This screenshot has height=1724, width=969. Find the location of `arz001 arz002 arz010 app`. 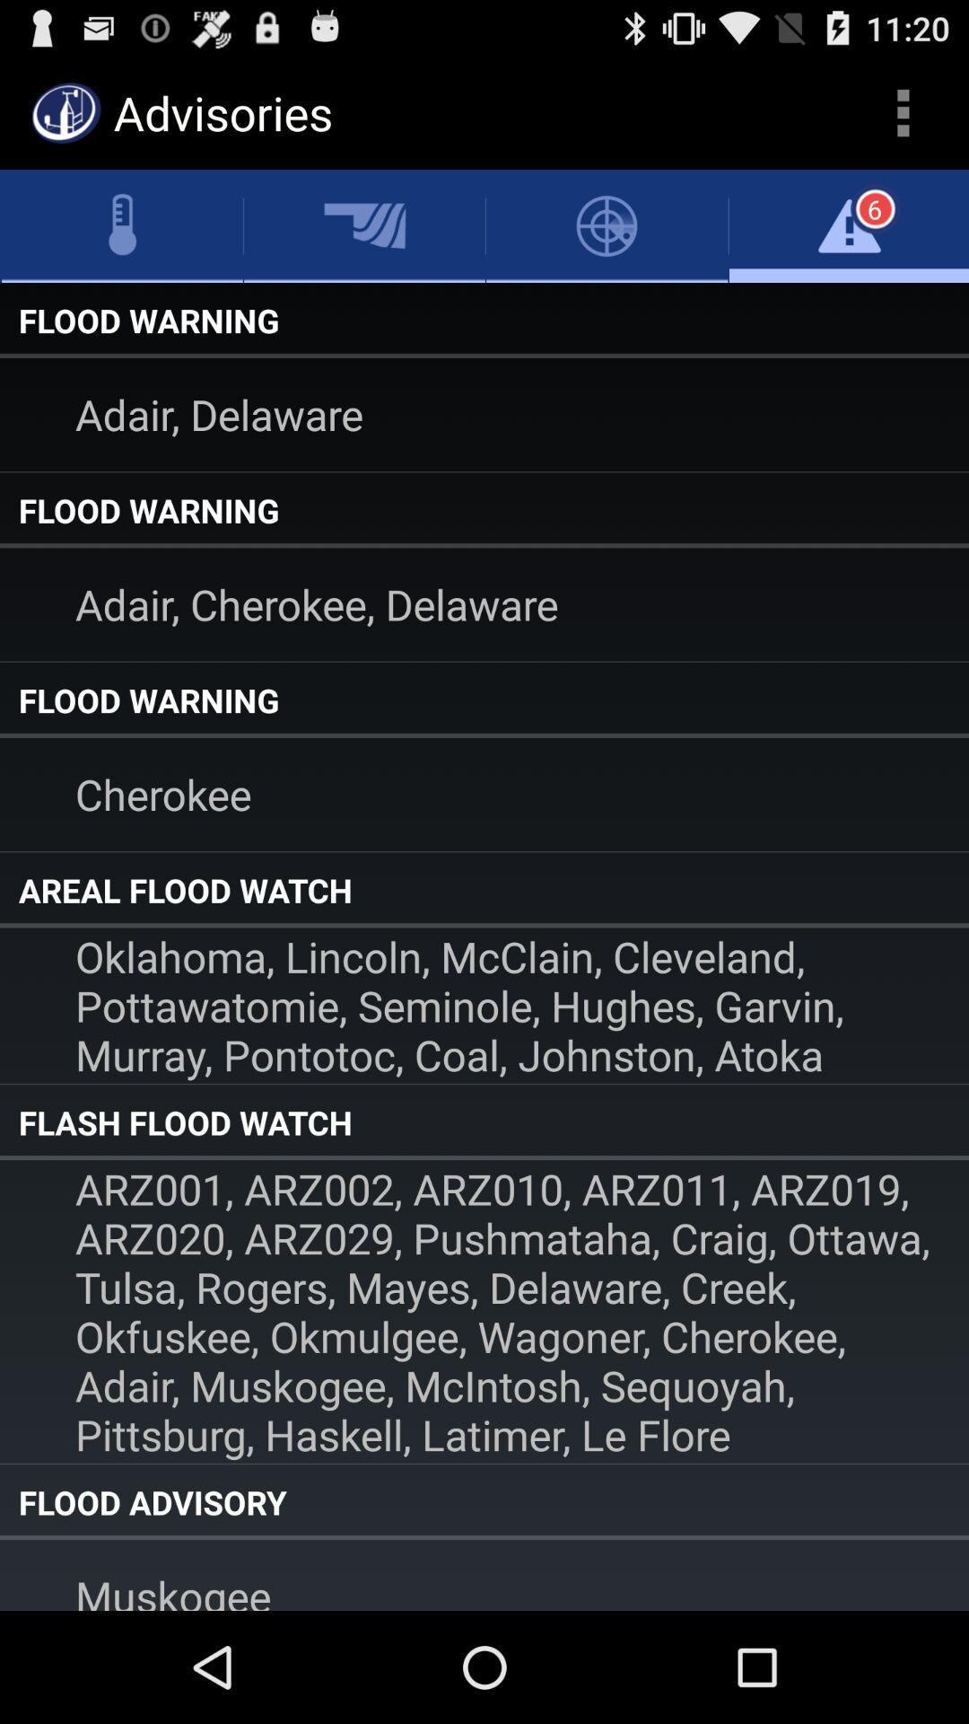

arz001 arz002 arz010 app is located at coordinates (484, 1311).